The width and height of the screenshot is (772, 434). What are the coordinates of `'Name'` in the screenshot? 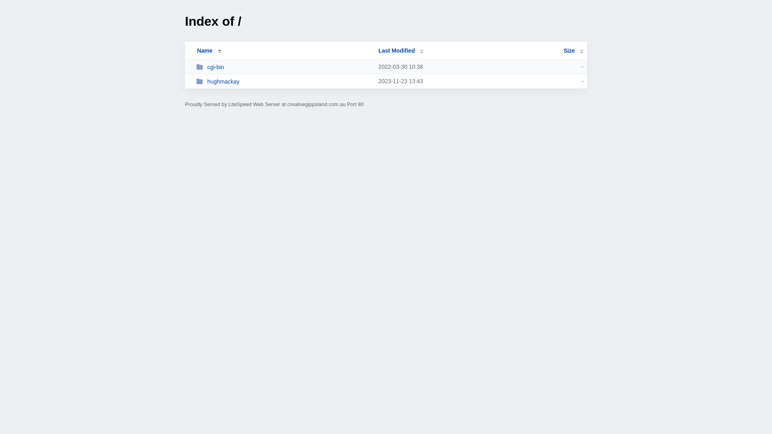 It's located at (204, 51).